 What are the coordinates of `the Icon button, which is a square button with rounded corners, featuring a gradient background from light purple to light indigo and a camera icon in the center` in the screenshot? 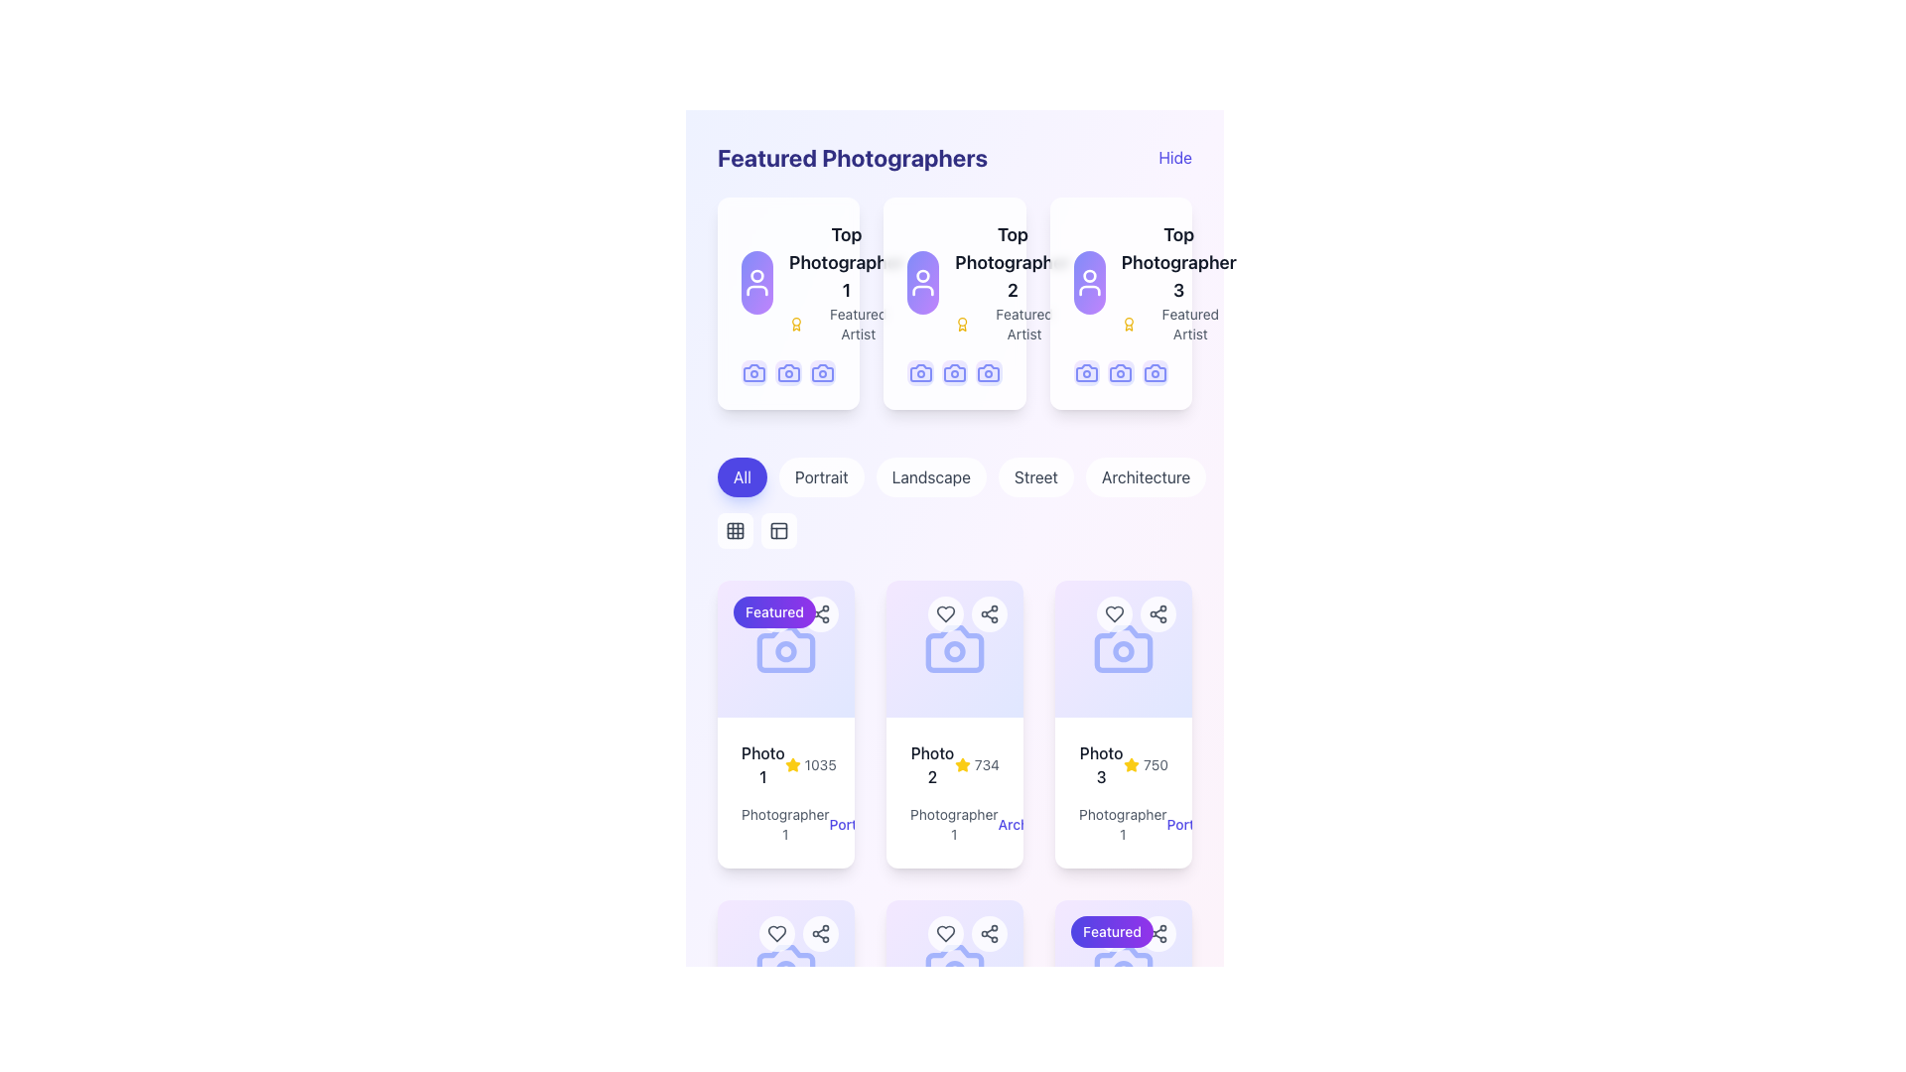 It's located at (1155, 373).